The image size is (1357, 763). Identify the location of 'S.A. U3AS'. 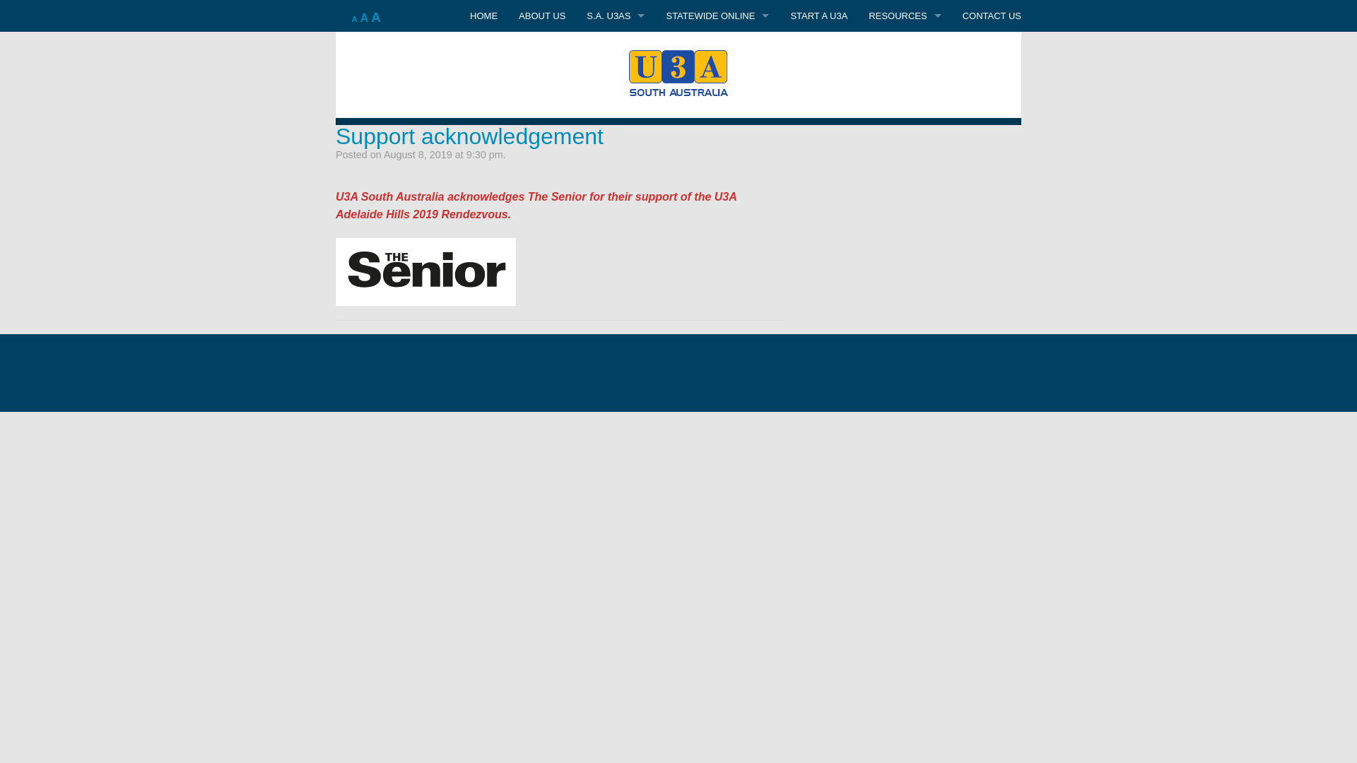
(576, 16).